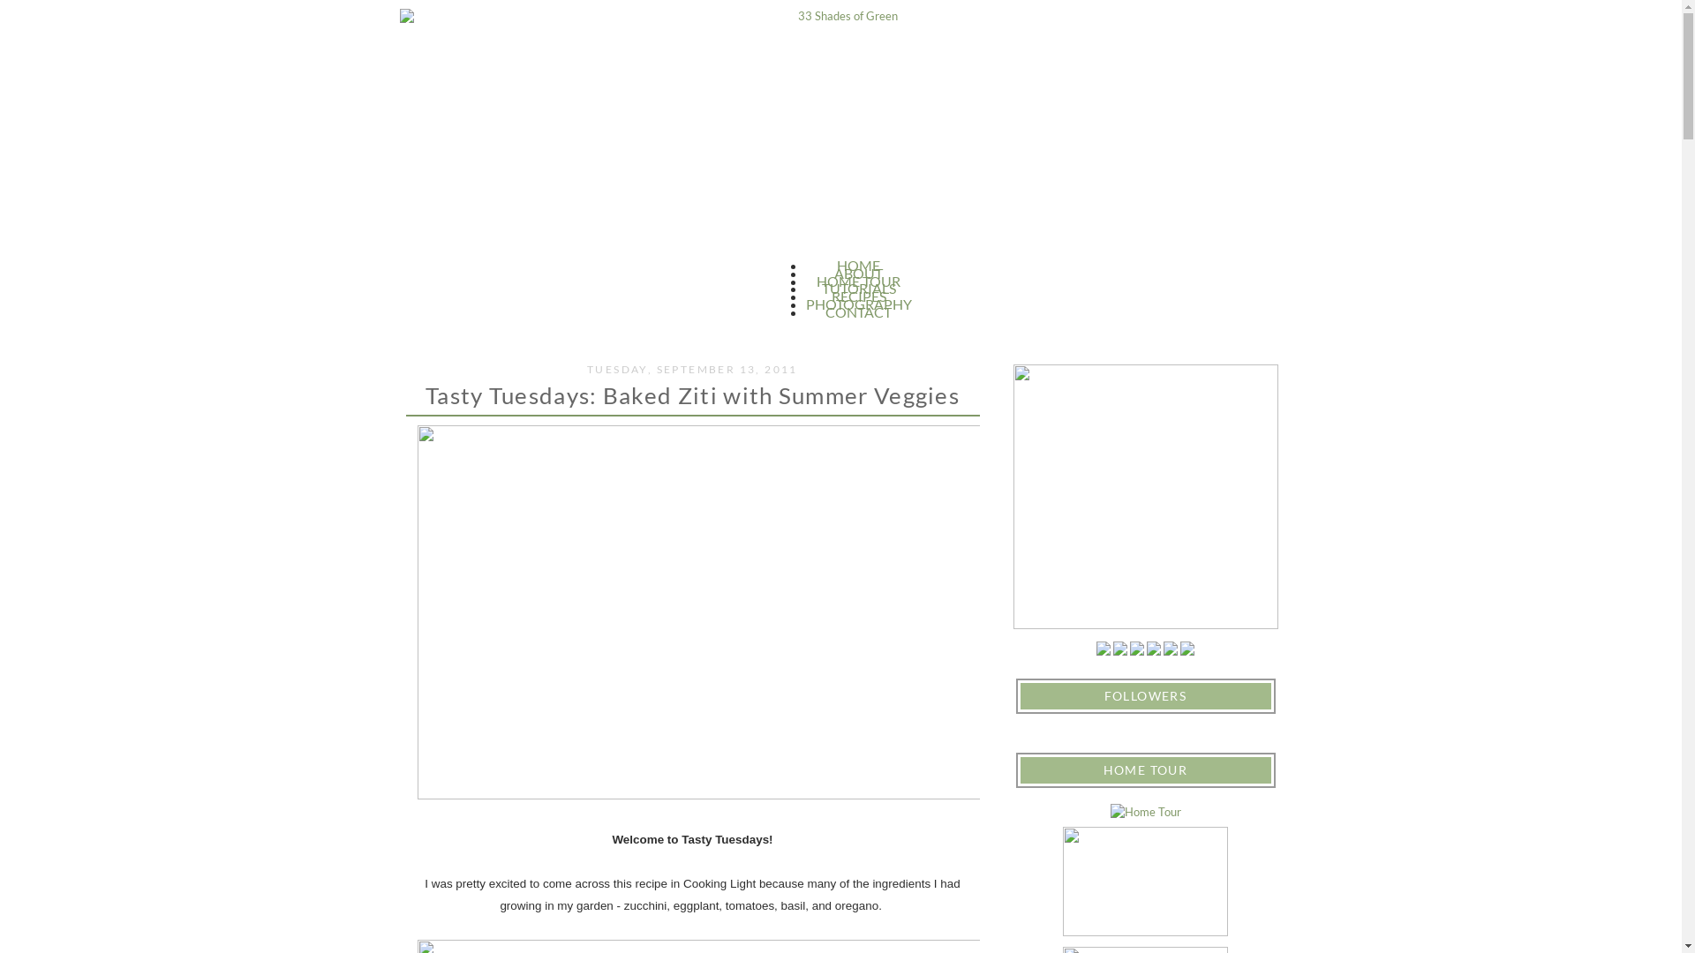 This screenshot has height=953, width=1695. What do you see at coordinates (858, 273) in the screenshot?
I see `'ABOUT'` at bounding box center [858, 273].